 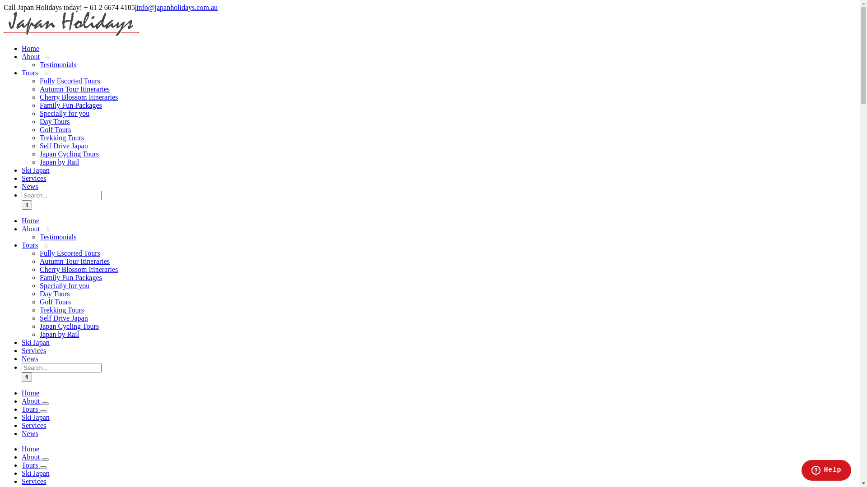 What do you see at coordinates (69, 153) in the screenshot?
I see `'Japan Cycling Tours'` at bounding box center [69, 153].